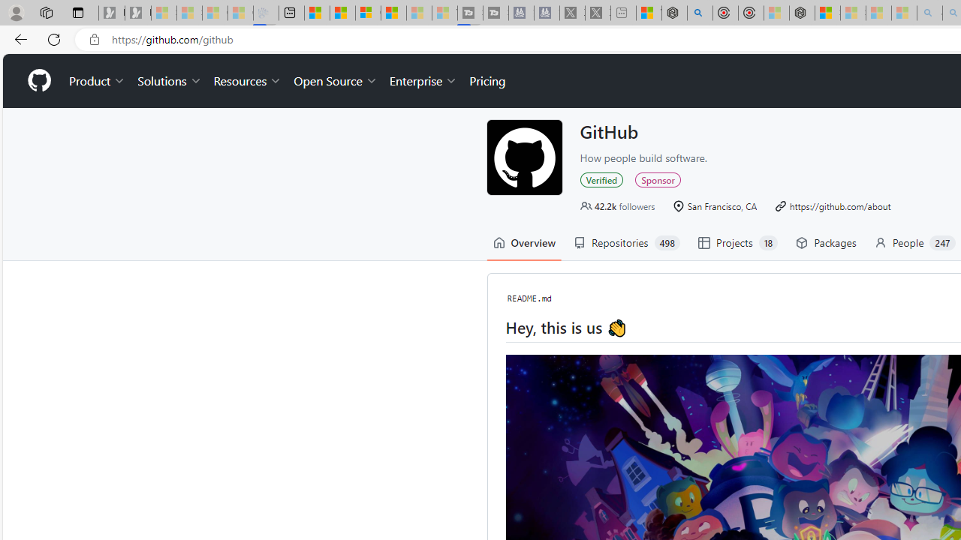 Image resolution: width=961 pixels, height=540 pixels. I want to click on 'Packages', so click(825, 242).